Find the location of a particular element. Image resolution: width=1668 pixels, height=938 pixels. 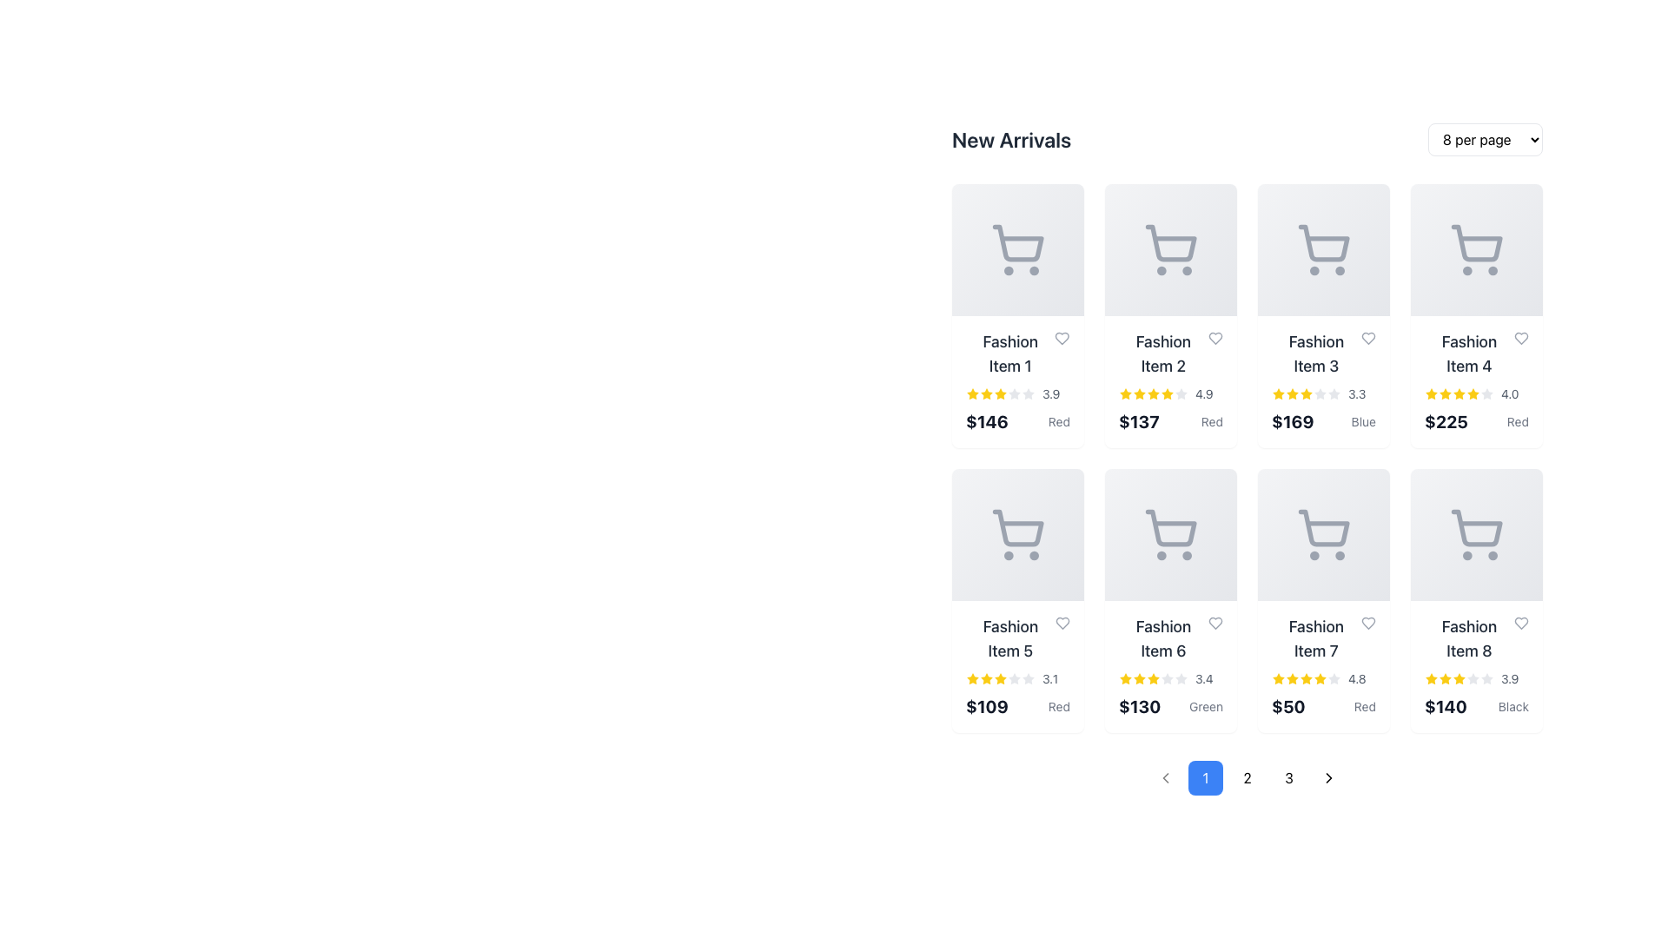

the shopping cart icon that is the primary icon in the second item card labeled 'Fashion Item 2' within the 'New Arrivals' section is located at coordinates (1171, 250).